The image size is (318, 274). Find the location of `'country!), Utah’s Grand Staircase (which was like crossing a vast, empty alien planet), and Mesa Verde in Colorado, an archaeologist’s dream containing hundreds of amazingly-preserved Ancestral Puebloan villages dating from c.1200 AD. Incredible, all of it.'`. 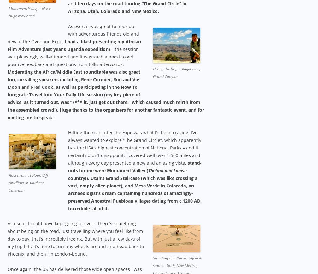

'country!), Utah’s Grand Staircase (which was like crossing a vast, empty alien planet), and Mesa Verde in Colorado, an archaeologist’s dream containing hundreds of amazingly-preserved Ancestral Puebloan villages dating from c.1200 AD. Incredible, all of it.' is located at coordinates (135, 192).